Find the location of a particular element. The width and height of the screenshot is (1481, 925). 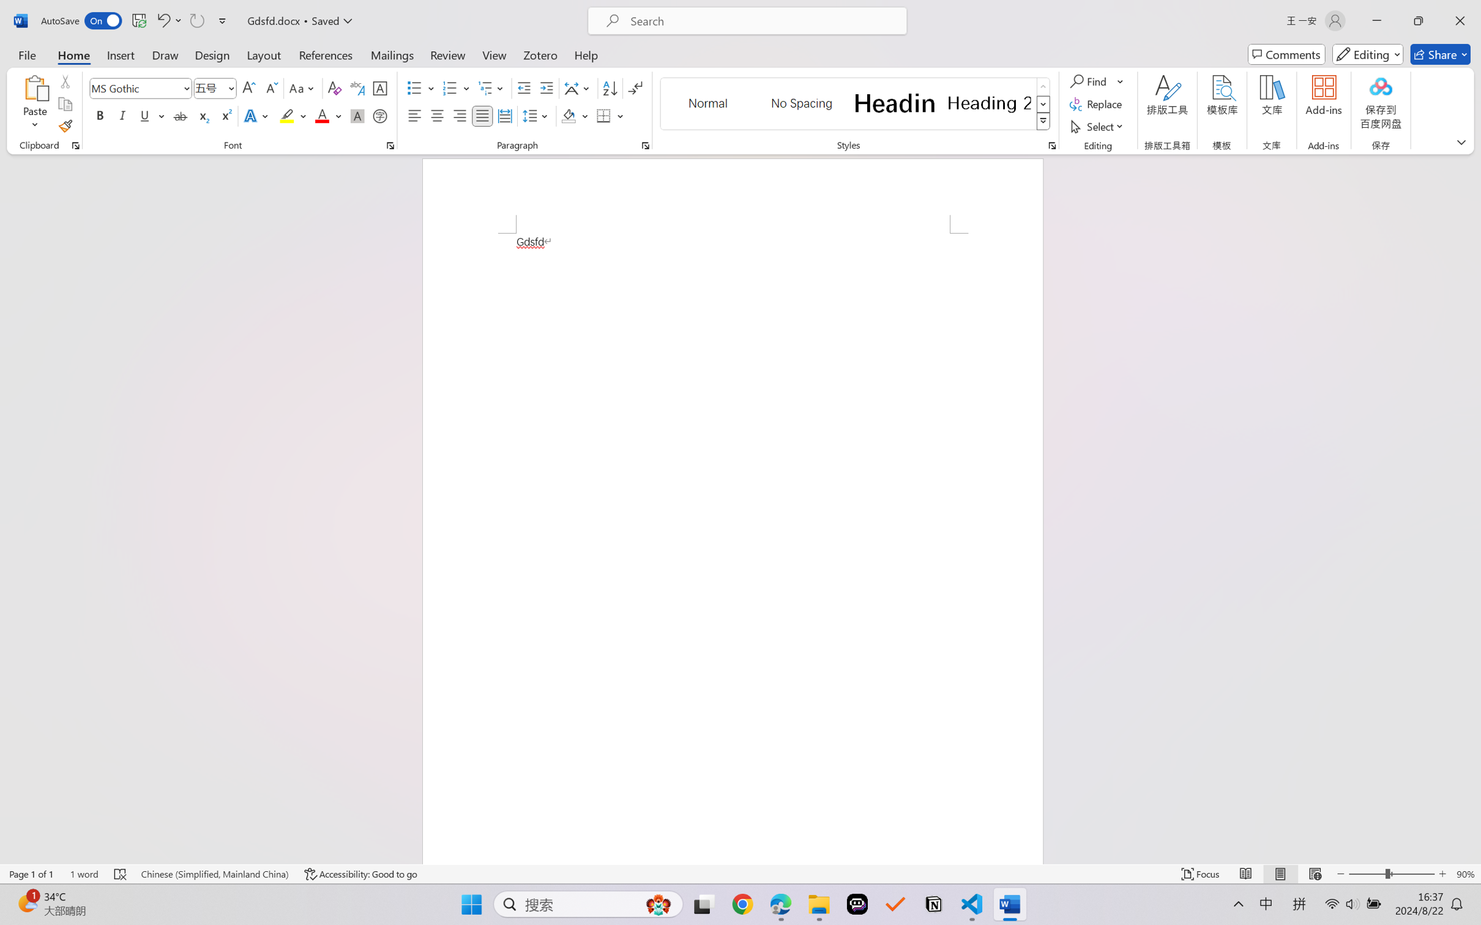

'Shading RGB(0, 0, 0)' is located at coordinates (568, 115).